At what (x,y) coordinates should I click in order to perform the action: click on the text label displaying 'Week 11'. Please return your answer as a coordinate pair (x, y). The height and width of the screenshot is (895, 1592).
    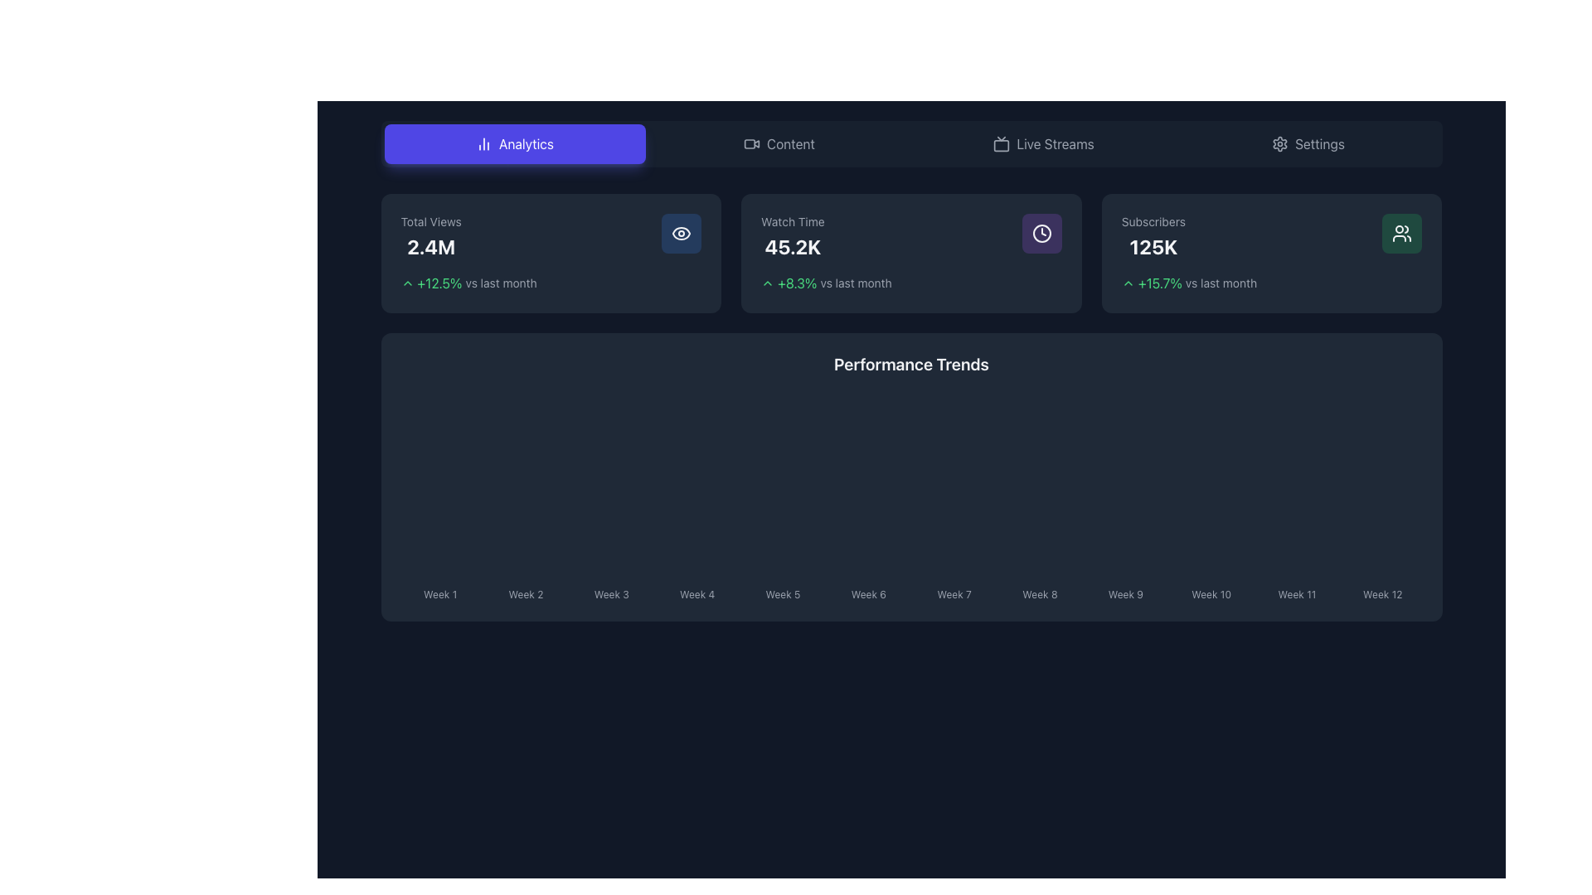
    Looking at the image, I should click on (1296, 590).